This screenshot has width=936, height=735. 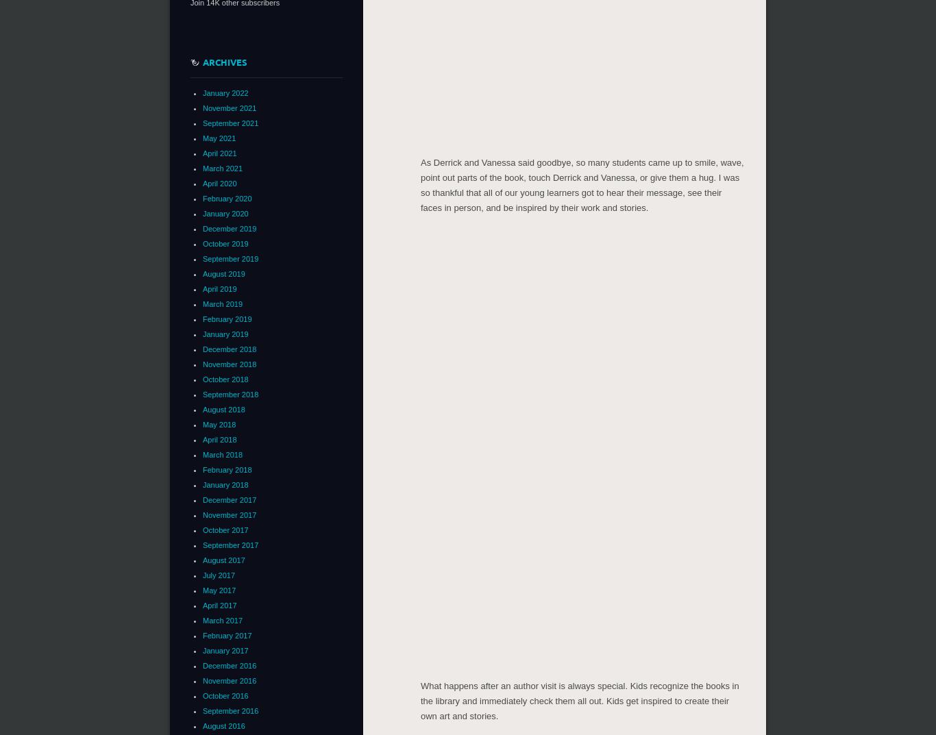 What do you see at coordinates (230, 258) in the screenshot?
I see `'September 2019'` at bounding box center [230, 258].